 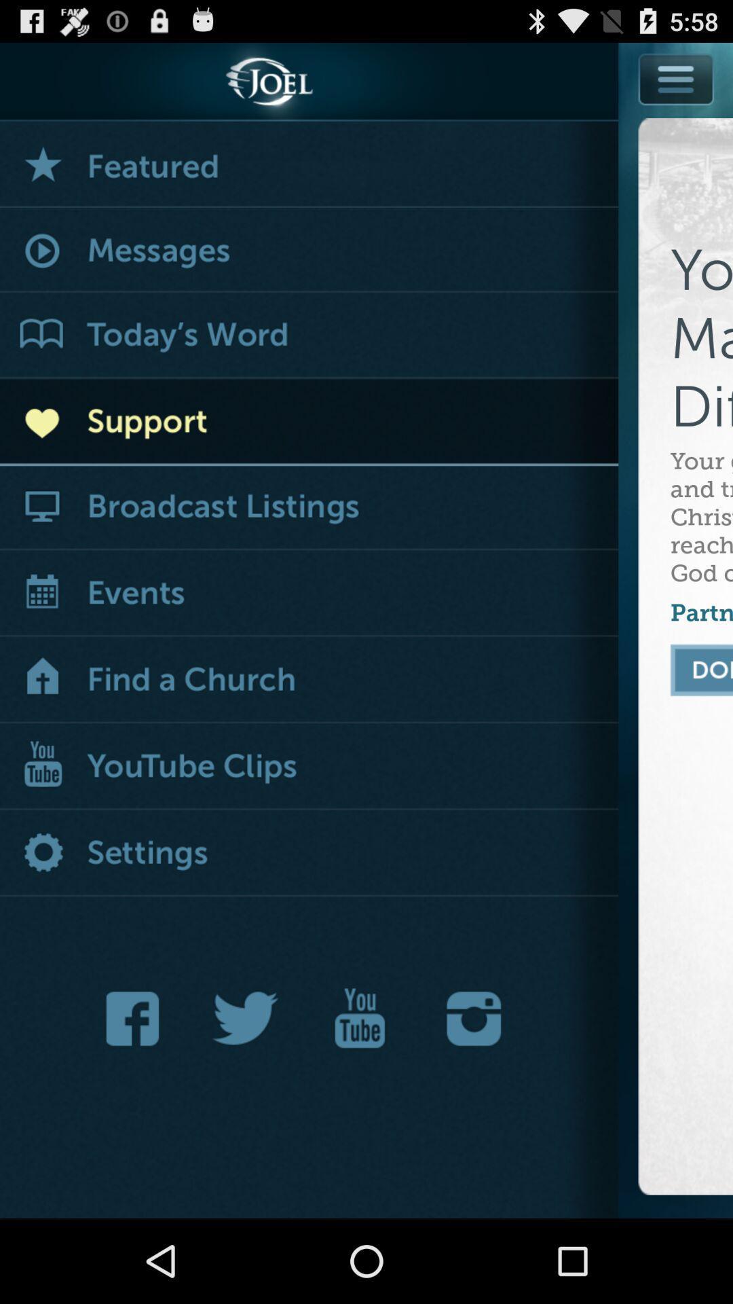 What do you see at coordinates (309, 336) in the screenshot?
I see `tap for article` at bounding box center [309, 336].